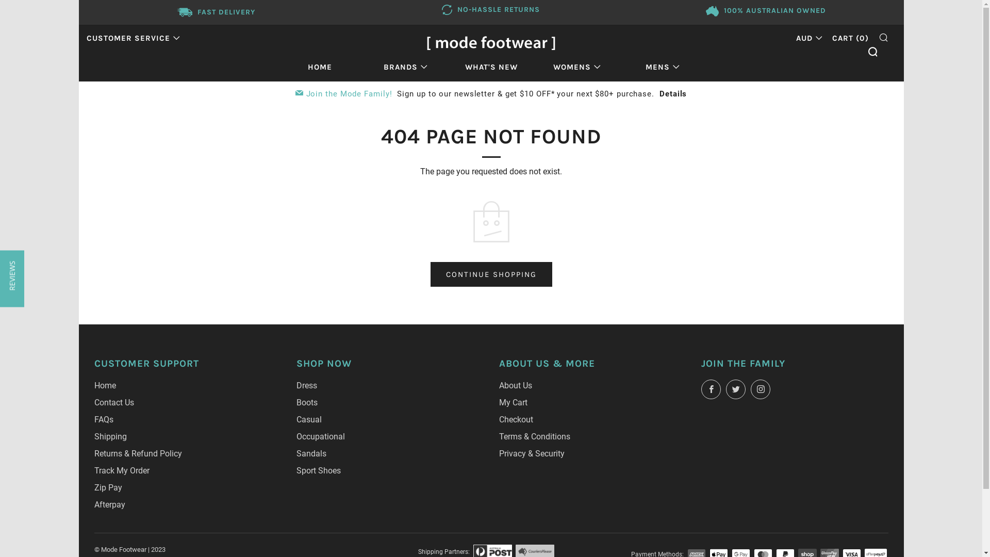 This screenshot has height=557, width=990. I want to click on 'MENS', so click(663, 67).